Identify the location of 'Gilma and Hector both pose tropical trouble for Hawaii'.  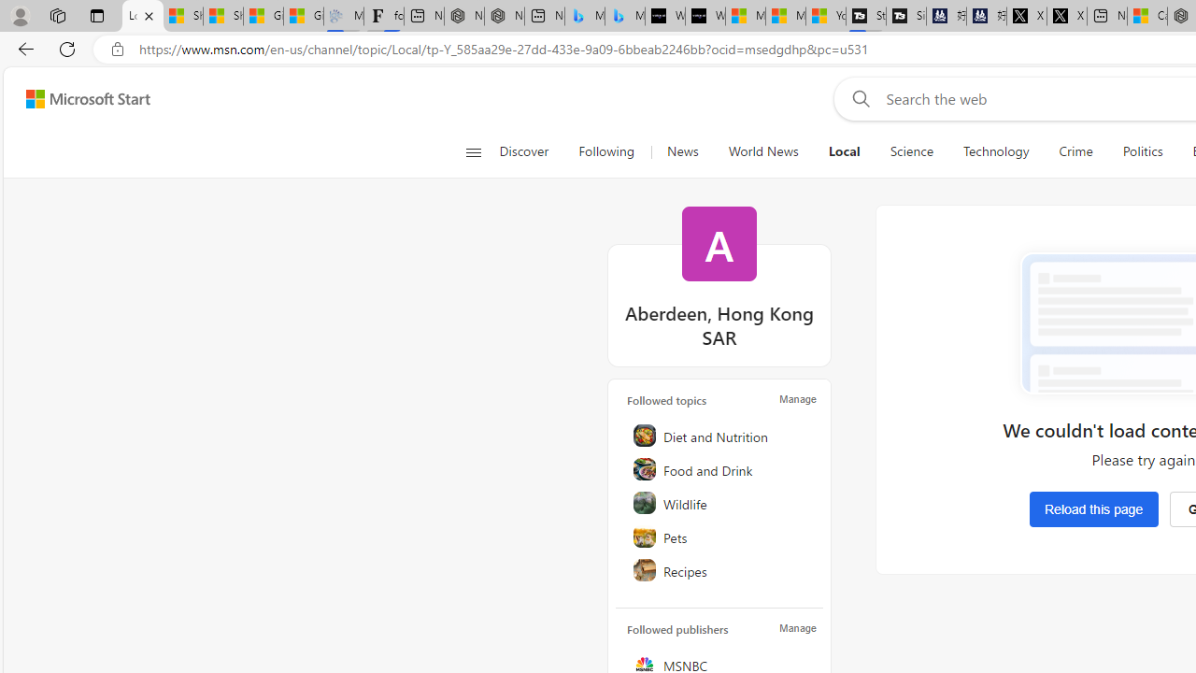
(303, 16).